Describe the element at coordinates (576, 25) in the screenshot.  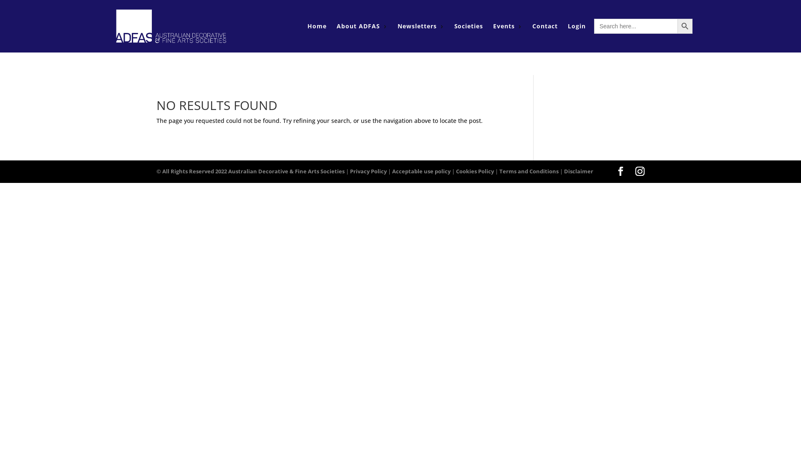
I see `'Login'` at that location.